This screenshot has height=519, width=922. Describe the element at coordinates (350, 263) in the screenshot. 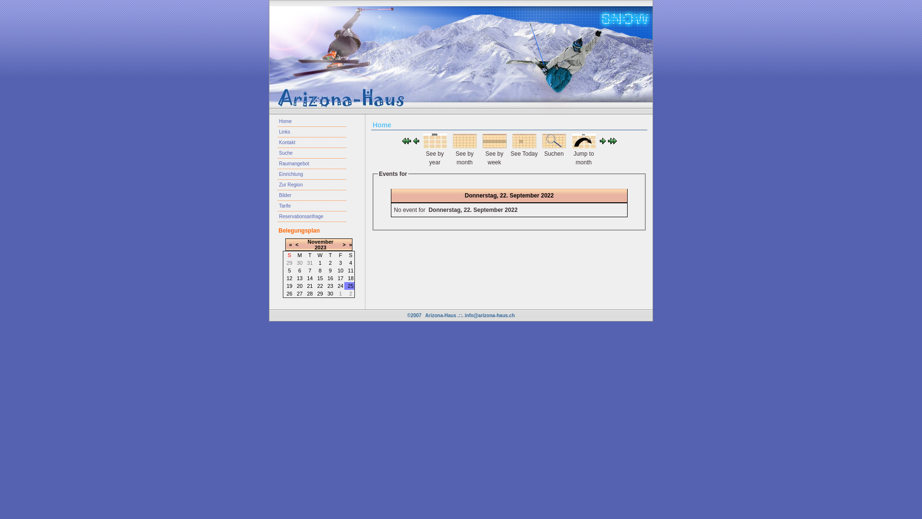

I see `'4'` at that location.